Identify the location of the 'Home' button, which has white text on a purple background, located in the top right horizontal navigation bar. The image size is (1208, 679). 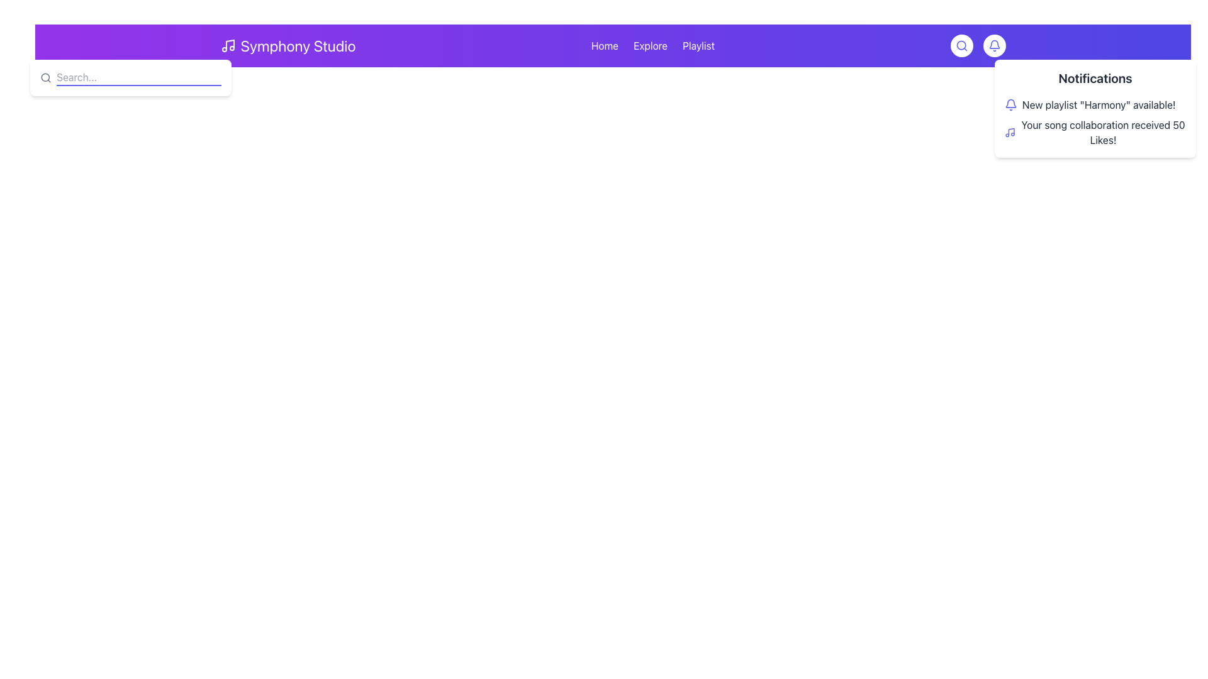
(605, 45).